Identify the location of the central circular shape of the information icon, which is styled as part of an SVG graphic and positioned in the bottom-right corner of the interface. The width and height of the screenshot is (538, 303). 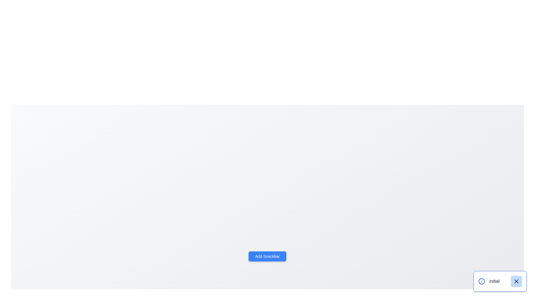
(481, 281).